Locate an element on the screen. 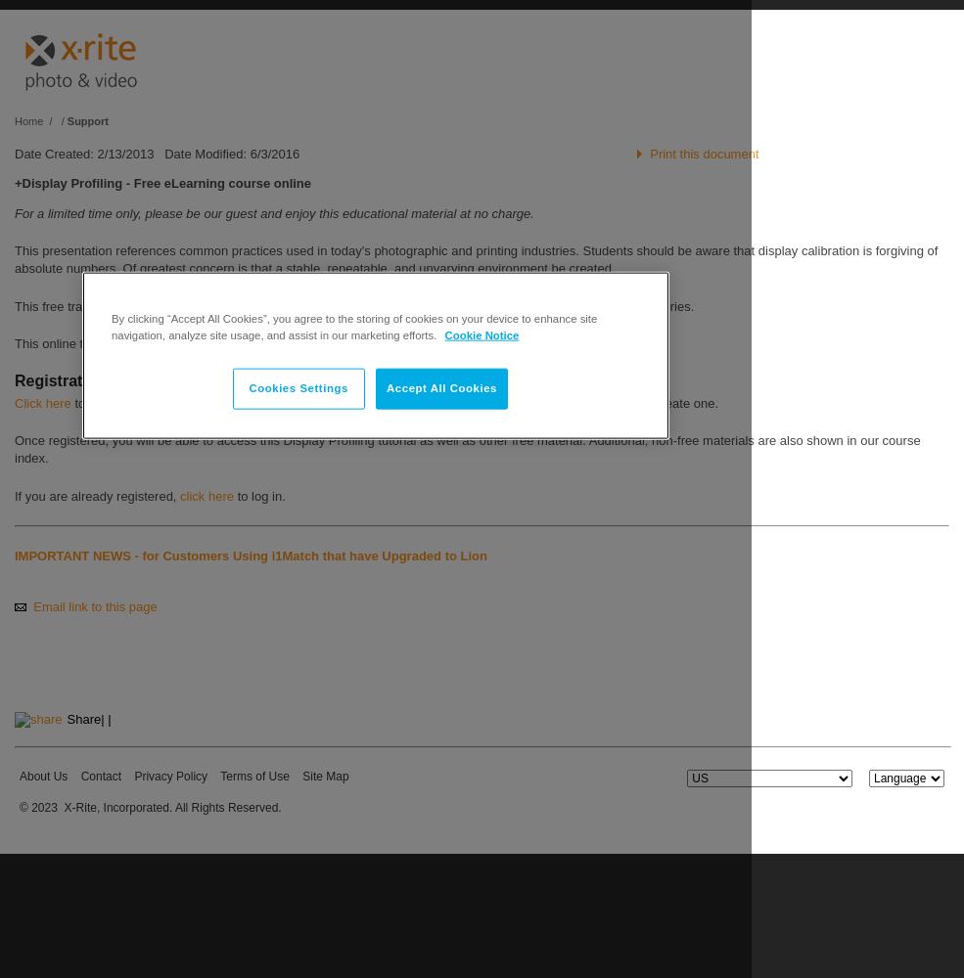  'to enter our new eLearning center. If you do not have an account, the registration process will help you create one.' is located at coordinates (392, 402).